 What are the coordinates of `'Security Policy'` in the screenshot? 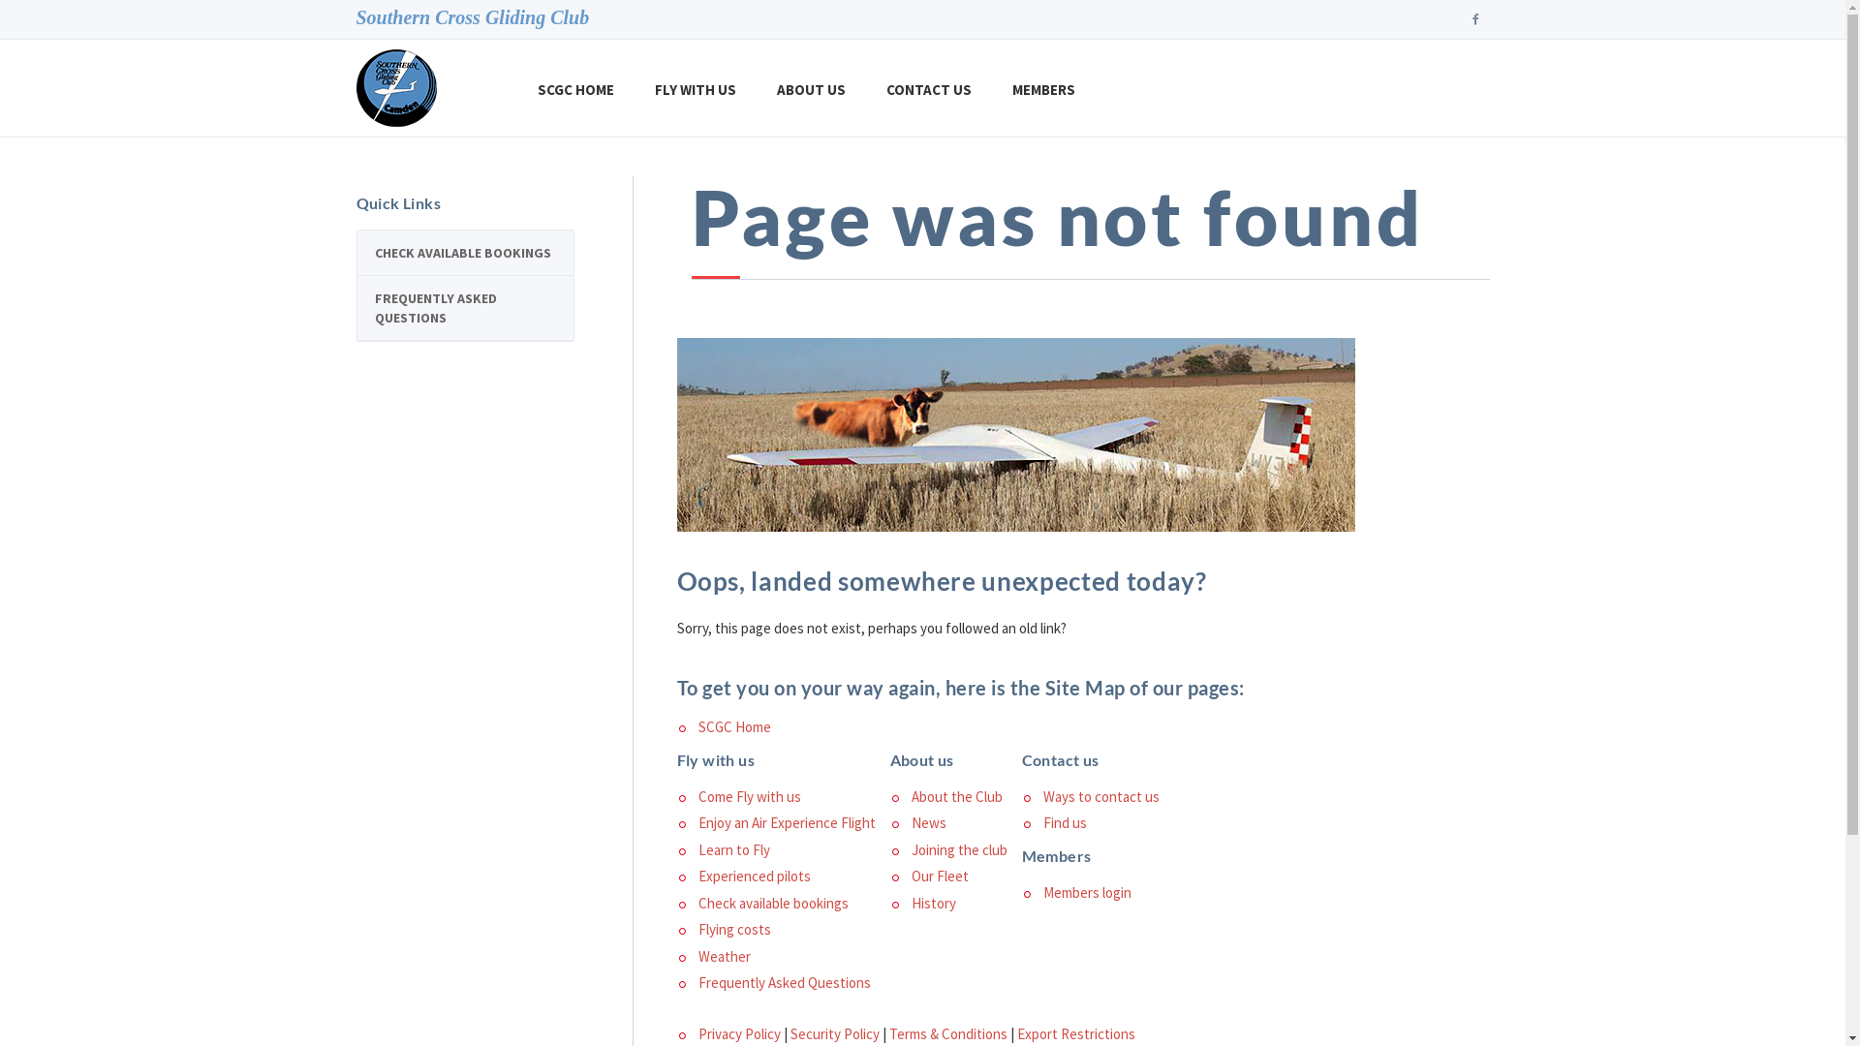 It's located at (835, 1032).